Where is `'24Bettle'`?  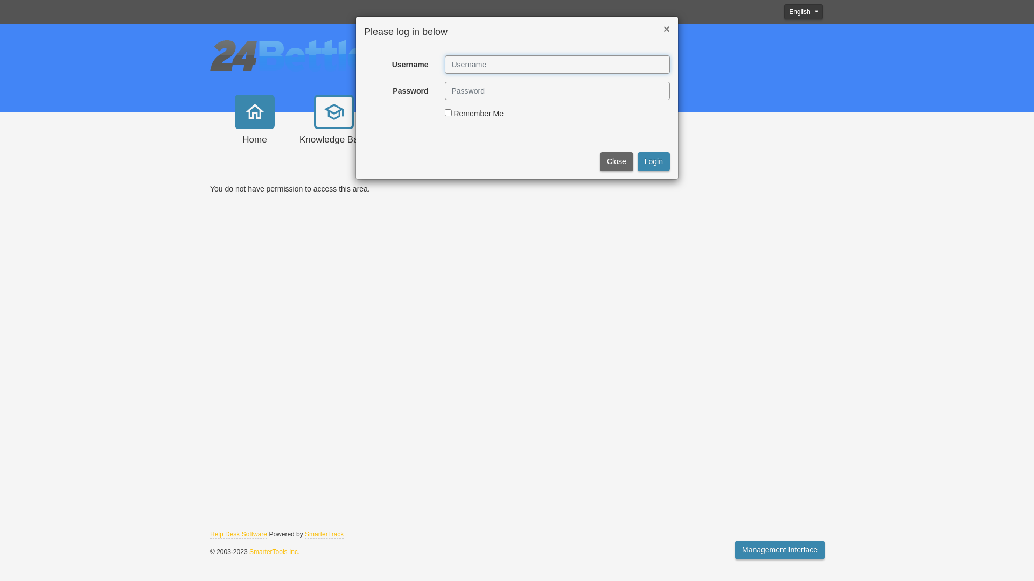
'24Bettle' is located at coordinates (289, 54).